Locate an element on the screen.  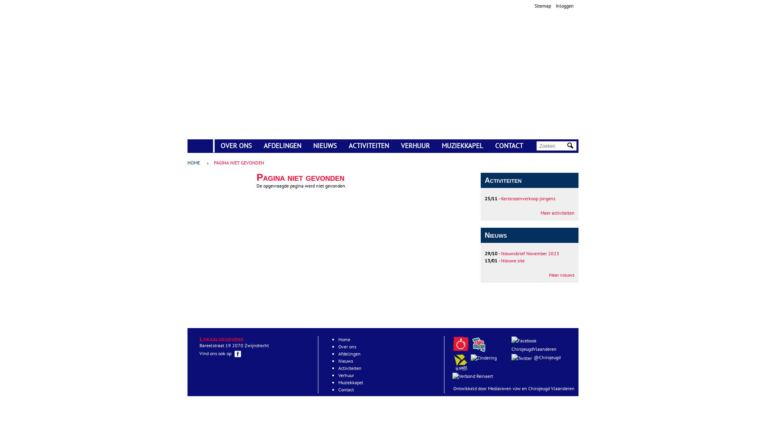
'Twitter' is located at coordinates (511, 358).